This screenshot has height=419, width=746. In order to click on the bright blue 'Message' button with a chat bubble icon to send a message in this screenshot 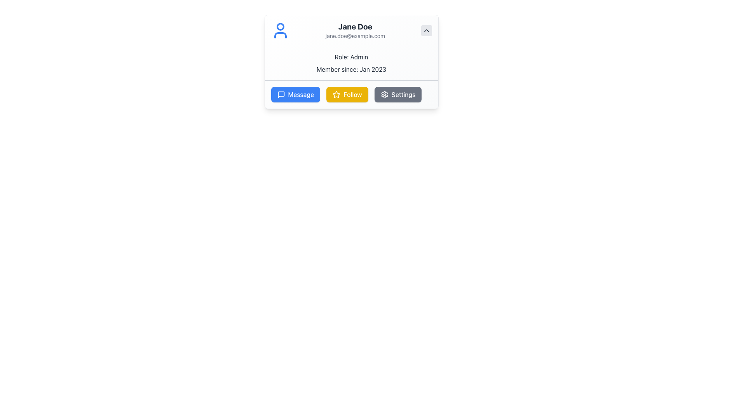, I will do `click(295, 94)`.